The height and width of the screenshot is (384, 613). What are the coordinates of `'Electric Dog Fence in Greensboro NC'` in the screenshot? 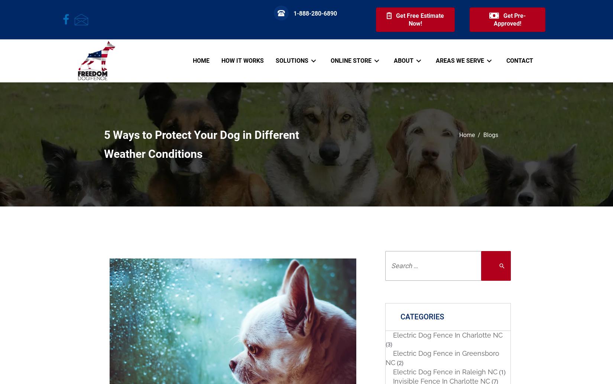 It's located at (442, 357).